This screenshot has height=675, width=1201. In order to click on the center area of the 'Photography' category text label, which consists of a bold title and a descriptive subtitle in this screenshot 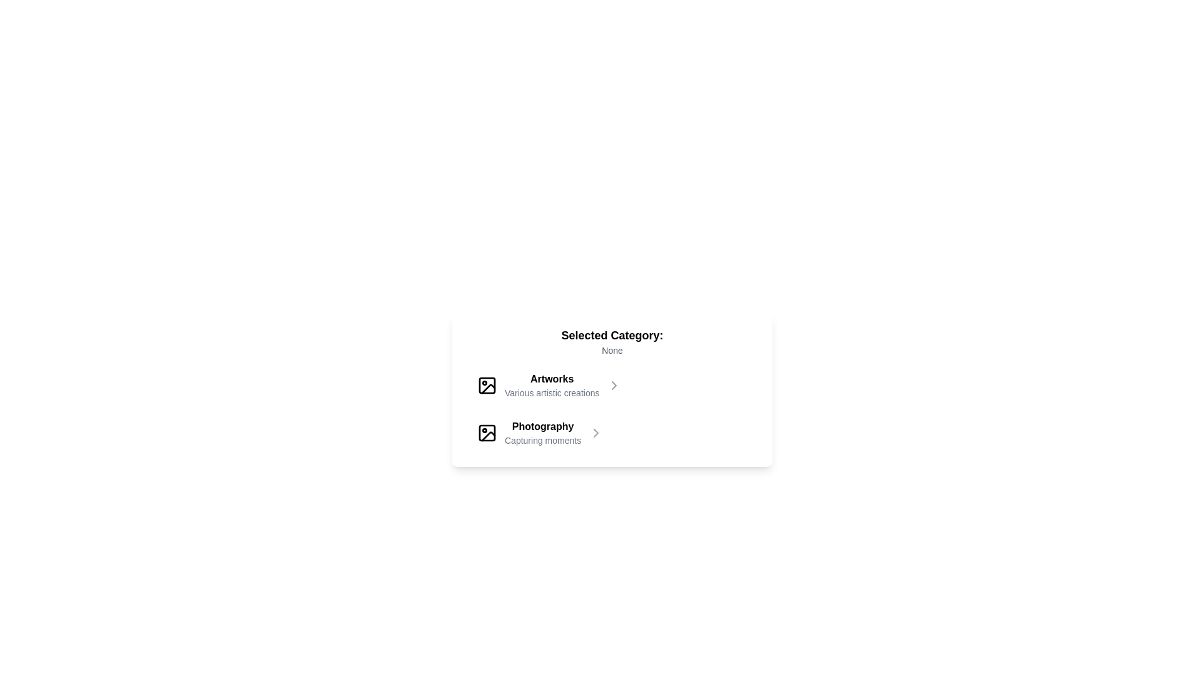, I will do `click(543, 432)`.